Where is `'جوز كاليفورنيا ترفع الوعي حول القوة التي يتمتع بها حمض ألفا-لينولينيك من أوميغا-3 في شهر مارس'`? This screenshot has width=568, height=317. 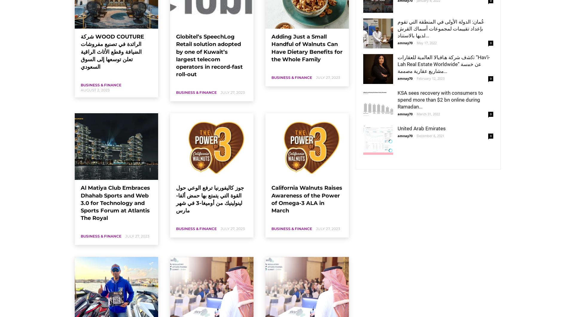 'جوز كاليفورنيا ترفع الوعي حول القوة التي يتمتع بها حمض ألفا-لينولينيك من أوميغا-3 في شهر مارس' is located at coordinates (176, 199).